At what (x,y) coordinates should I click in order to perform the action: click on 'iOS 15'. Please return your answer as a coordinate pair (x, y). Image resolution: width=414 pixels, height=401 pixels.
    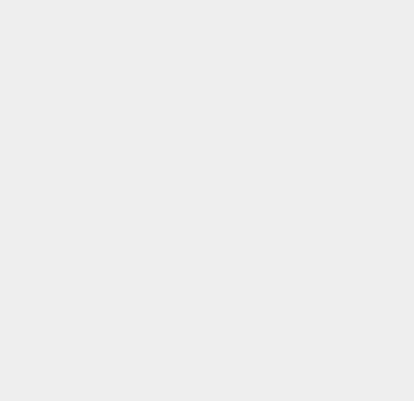
    Looking at the image, I should click on (300, 246).